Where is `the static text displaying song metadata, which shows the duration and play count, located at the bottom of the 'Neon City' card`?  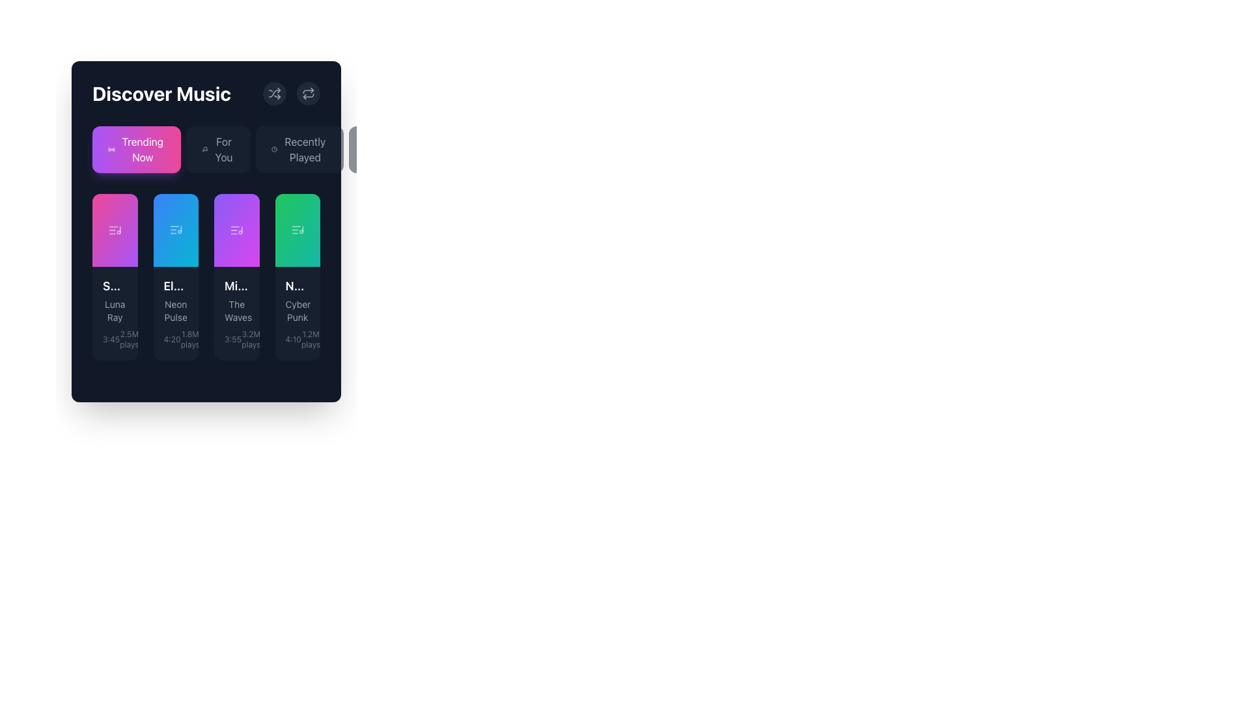
the static text displaying song metadata, which shows the duration and play count, located at the bottom of the 'Neon City' card is located at coordinates (297, 338).